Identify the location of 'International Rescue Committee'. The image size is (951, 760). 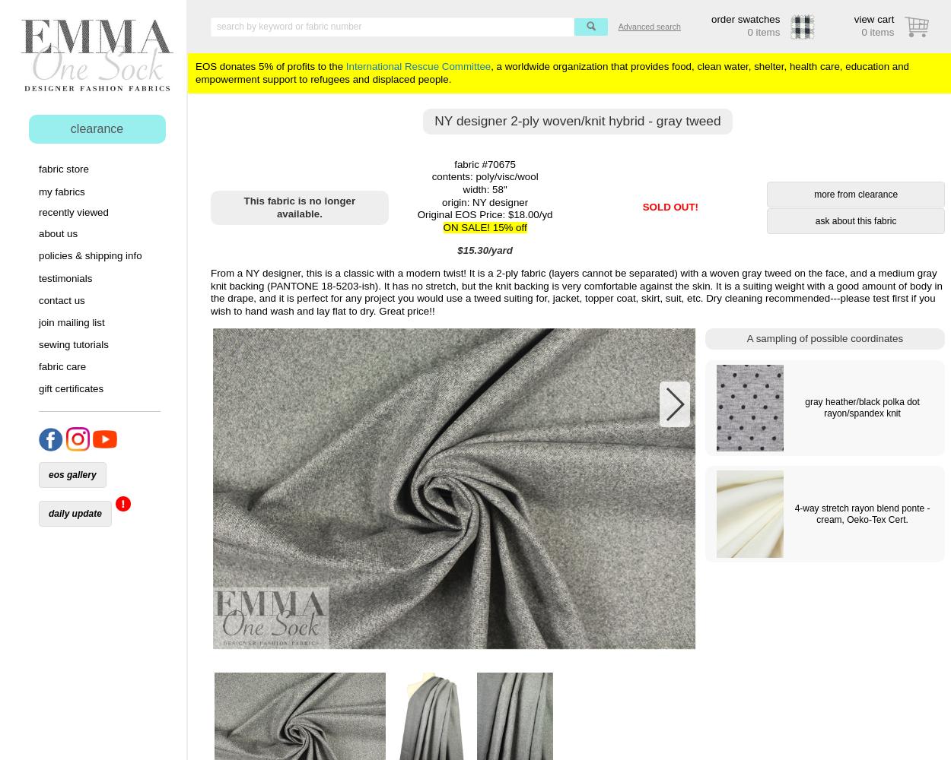
(345, 65).